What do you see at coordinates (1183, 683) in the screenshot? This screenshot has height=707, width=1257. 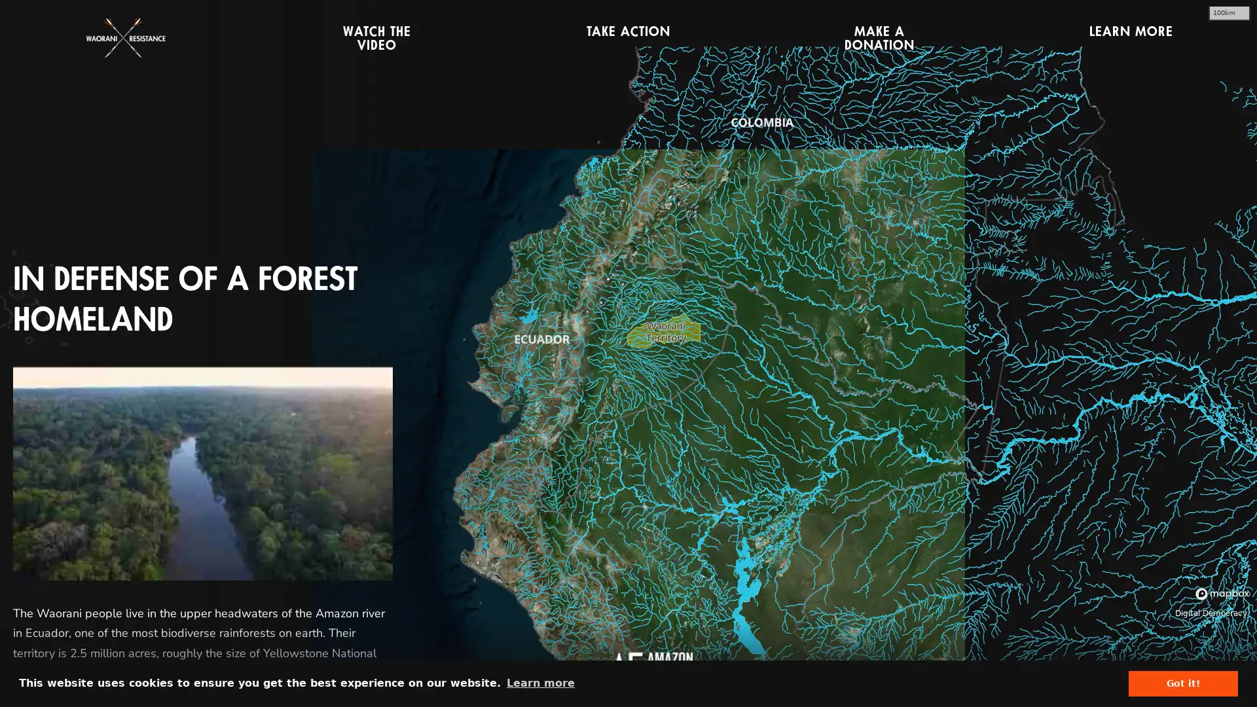 I see `dismiss cookie message` at bounding box center [1183, 683].